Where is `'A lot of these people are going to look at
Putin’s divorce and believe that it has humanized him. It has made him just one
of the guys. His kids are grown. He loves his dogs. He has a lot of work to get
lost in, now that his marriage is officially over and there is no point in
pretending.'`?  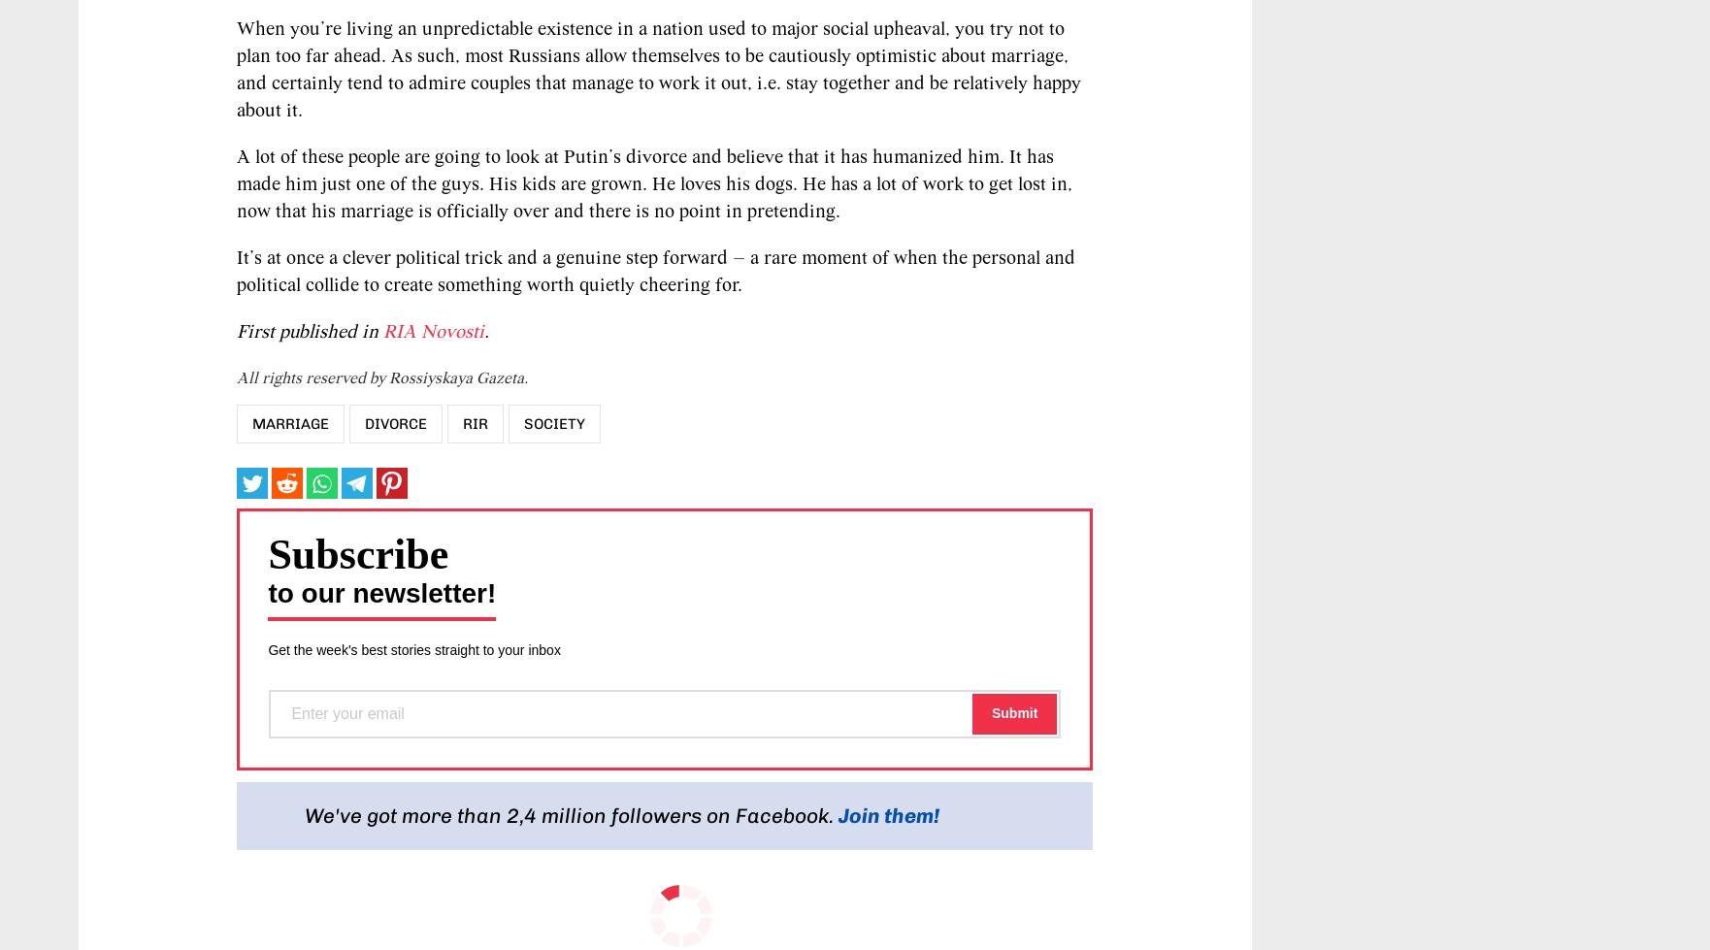
'A lot of these people are going to look at
Putin’s divorce and believe that it has humanized him. It has made him just one
of the guys. His kids are grown. He loves his dogs. He has a lot of work to get
lost in, now that his marriage is officially over and there is no point in
pretending.' is located at coordinates (653, 184).